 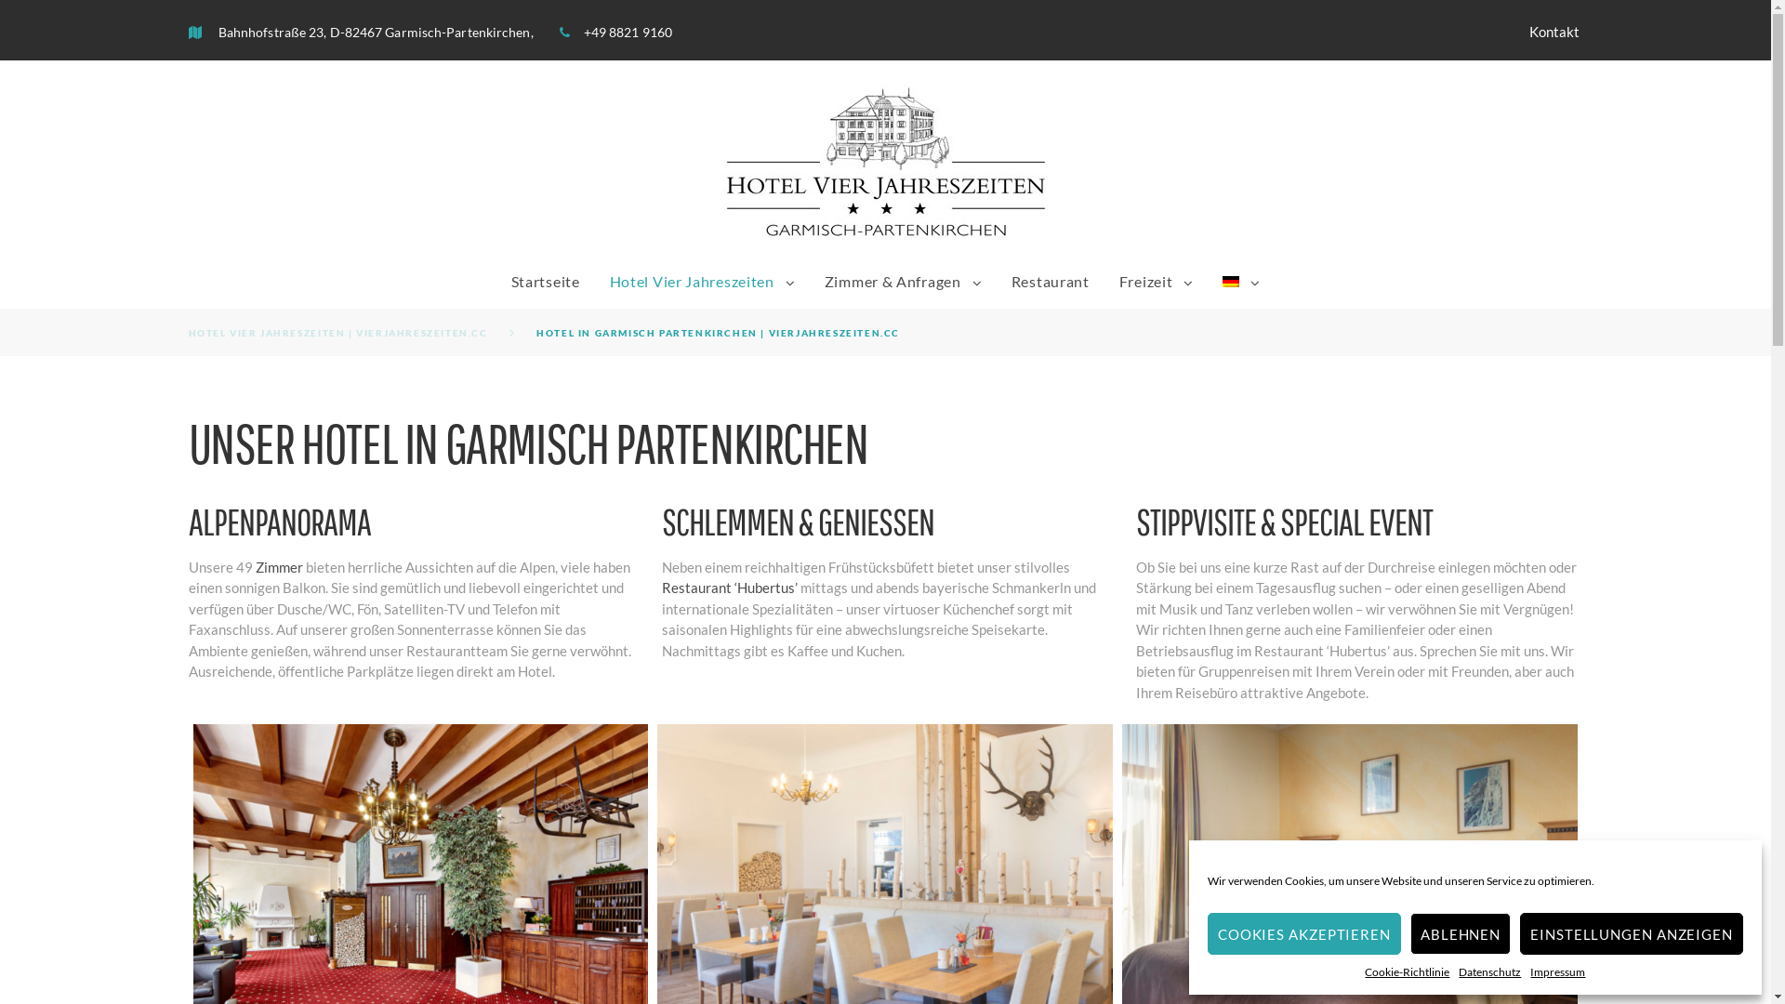 What do you see at coordinates (1050, 280) in the screenshot?
I see `'Restaurant'` at bounding box center [1050, 280].